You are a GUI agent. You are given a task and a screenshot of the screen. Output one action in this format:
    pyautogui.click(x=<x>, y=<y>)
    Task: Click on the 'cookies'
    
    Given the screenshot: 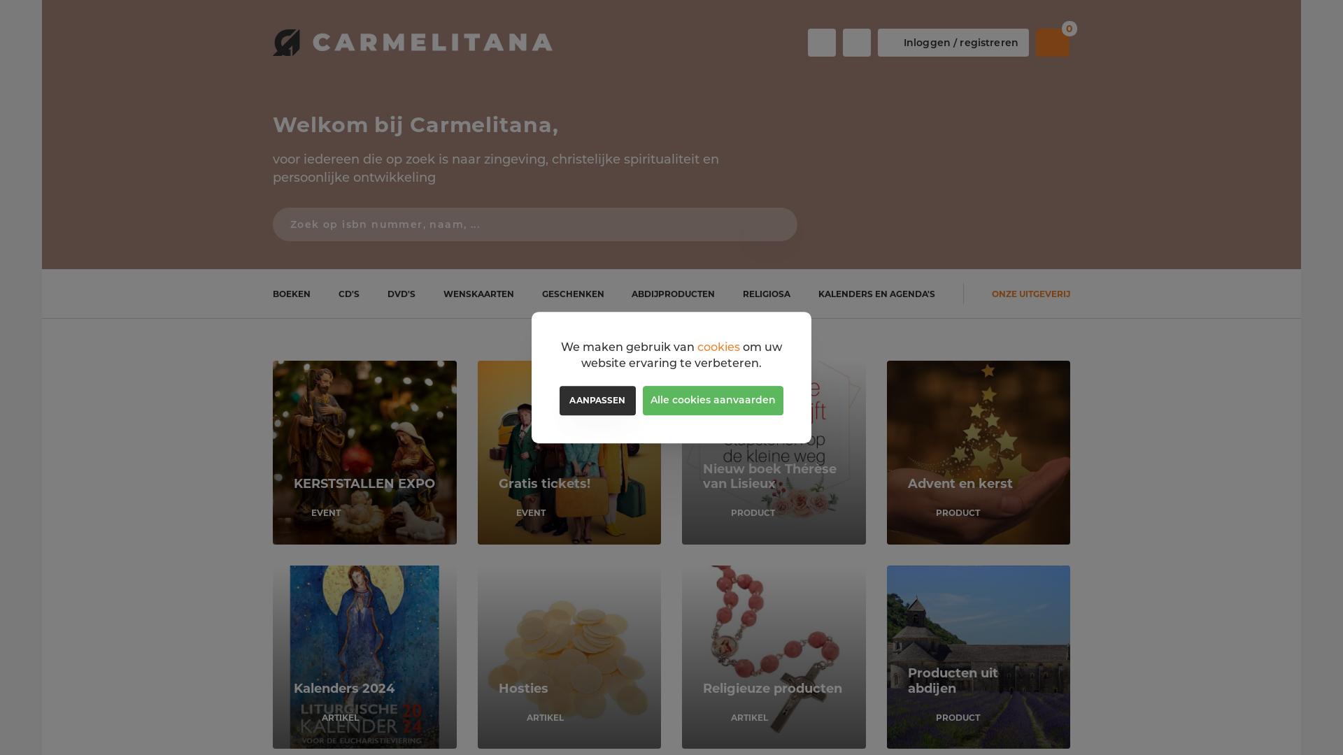 What is the action you would take?
    pyautogui.click(x=718, y=346)
    